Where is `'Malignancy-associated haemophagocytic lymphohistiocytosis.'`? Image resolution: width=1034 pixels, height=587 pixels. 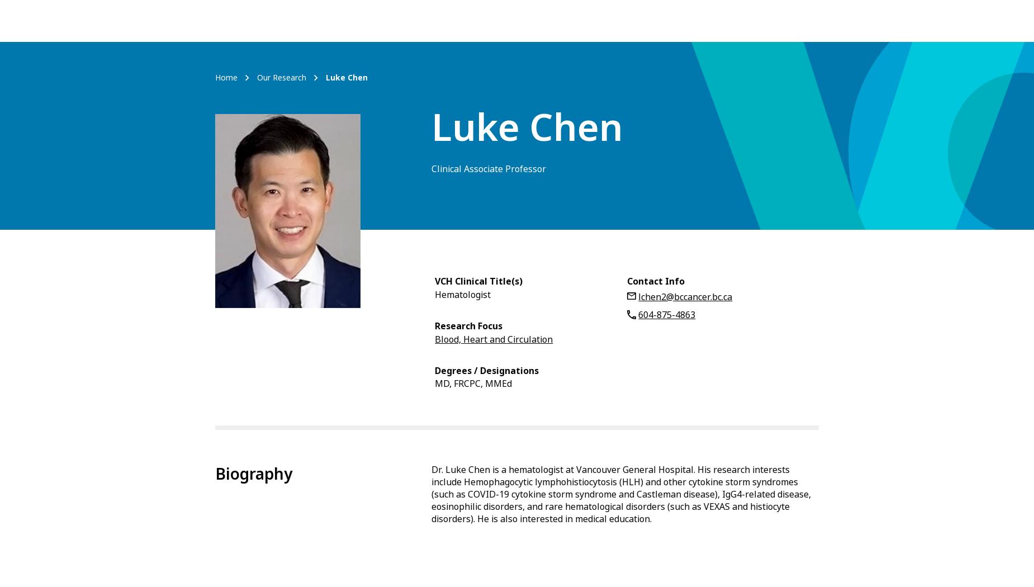 'Malignancy-associated haemophagocytic lymphohistiocytosis.' is located at coordinates (431, 188).